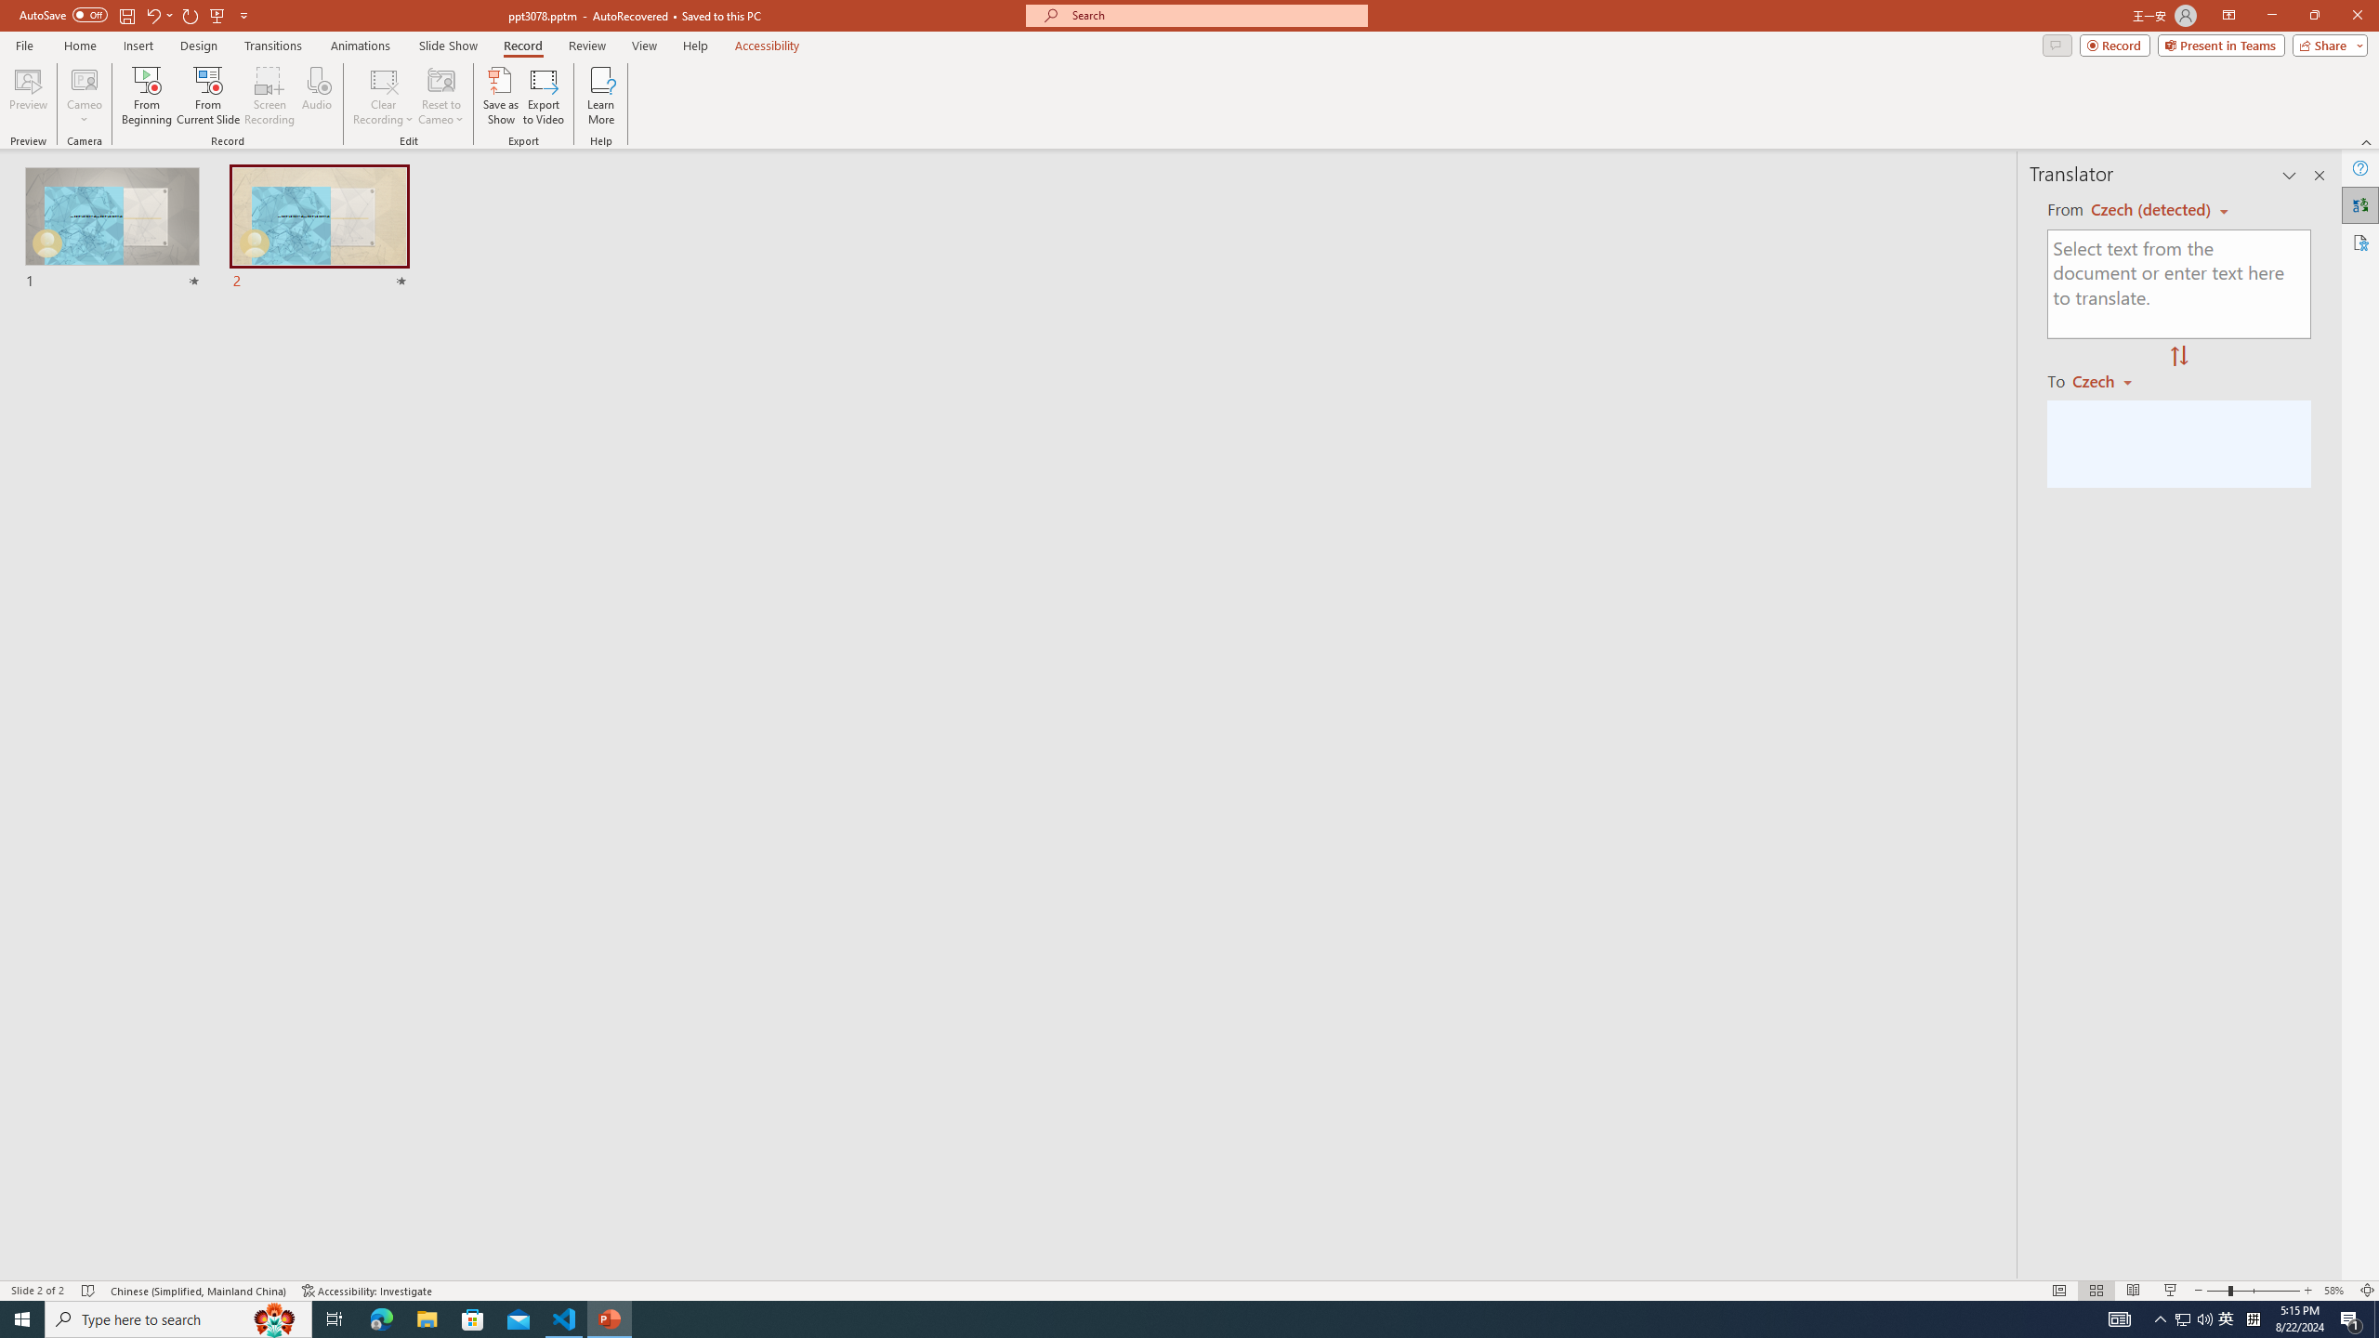 The height and width of the screenshot is (1338, 2379). I want to click on 'Czech (detected)', so click(2151, 209).